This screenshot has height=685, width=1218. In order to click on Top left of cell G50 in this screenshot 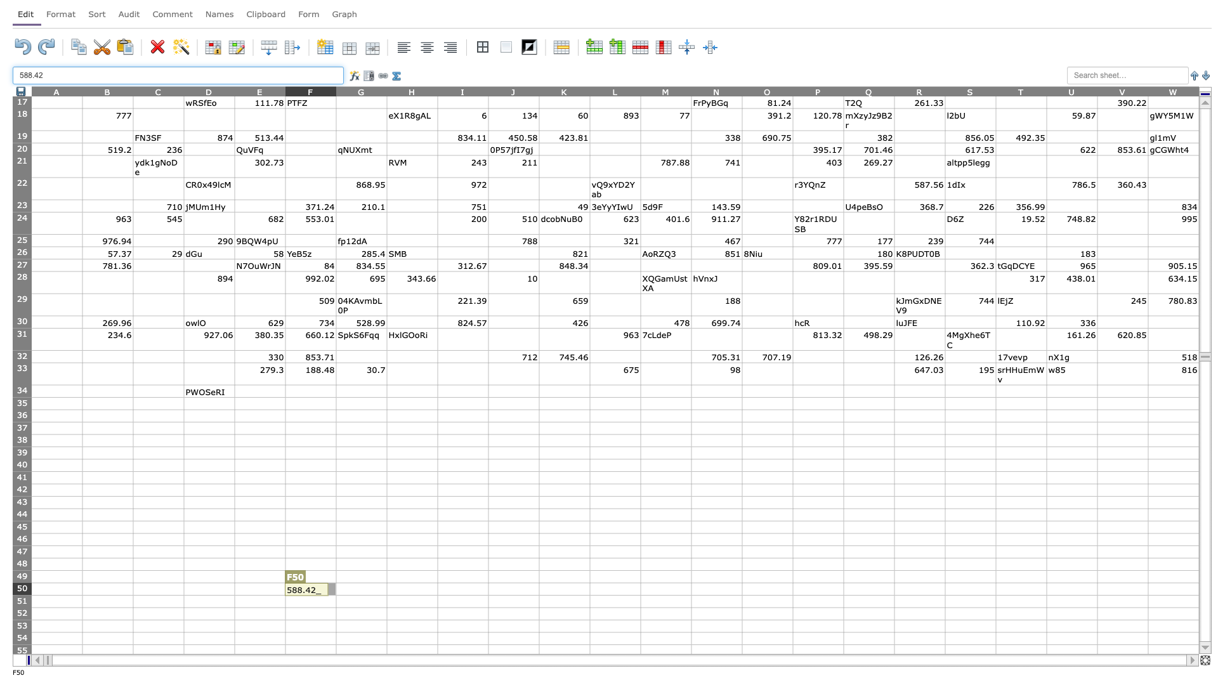, I will do `click(336, 582)`.